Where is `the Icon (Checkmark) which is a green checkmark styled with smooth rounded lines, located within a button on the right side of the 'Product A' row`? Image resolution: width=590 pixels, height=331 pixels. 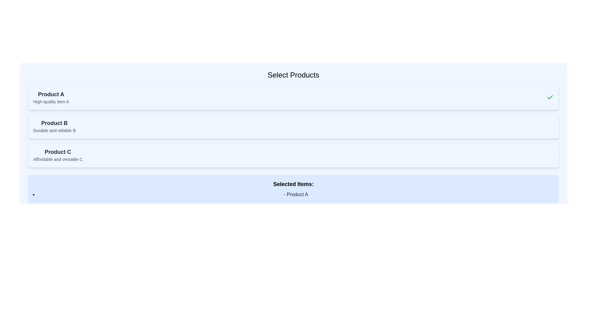
the Icon (Checkmark) which is a green checkmark styled with smooth rounded lines, located within a button on the right side of the 'Product A' row is located at coordinates (550, 97).